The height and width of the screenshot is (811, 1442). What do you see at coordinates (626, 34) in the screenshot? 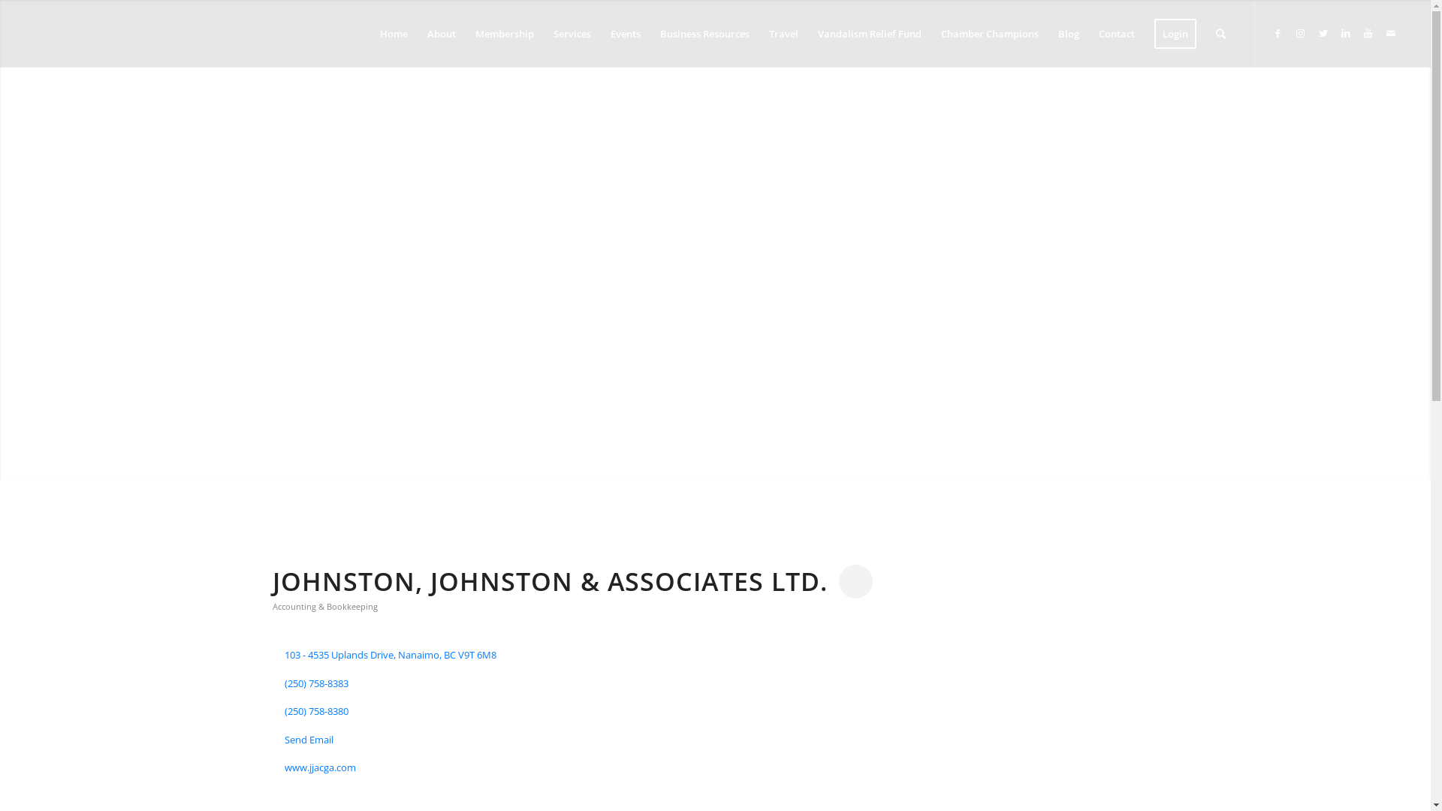
I see `'Events'` at bounding box center [626, 34].